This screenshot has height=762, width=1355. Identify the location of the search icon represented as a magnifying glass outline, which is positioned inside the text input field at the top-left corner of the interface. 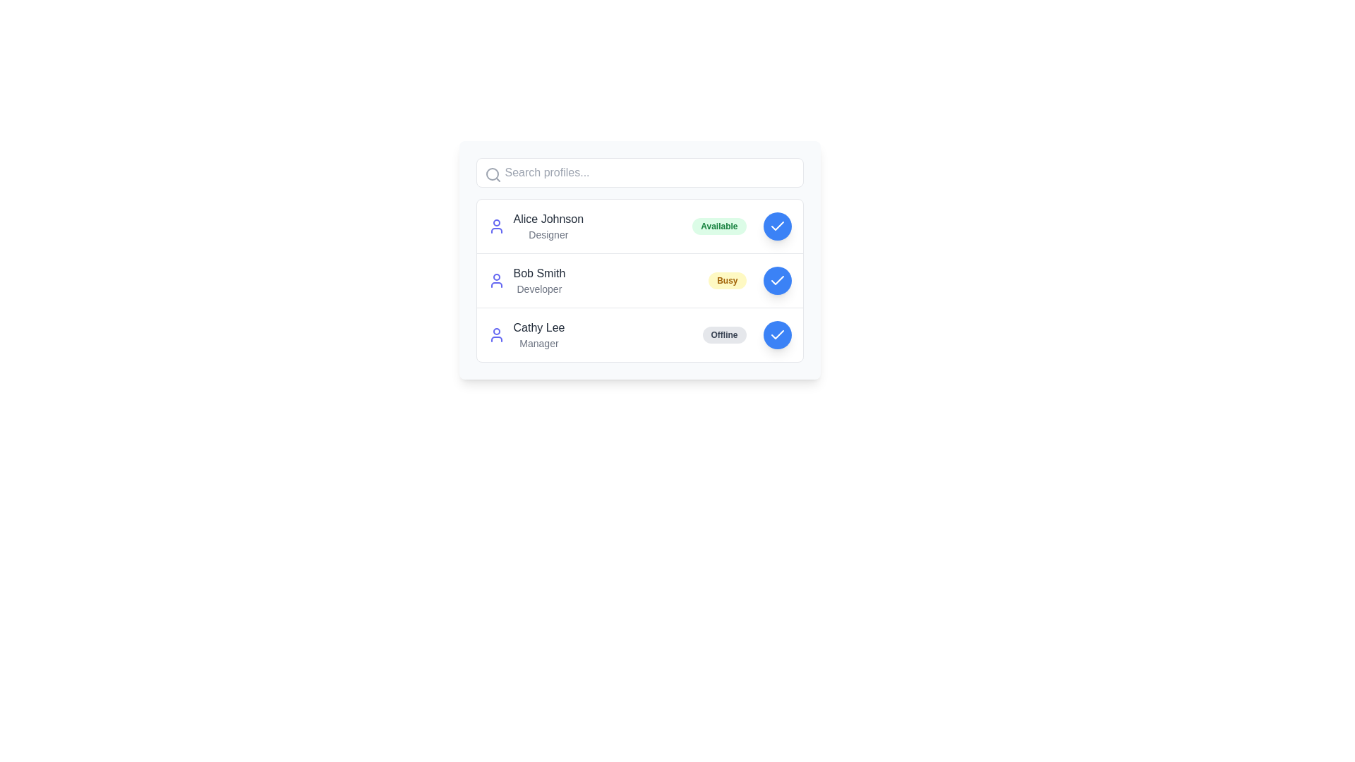
(493, 174).